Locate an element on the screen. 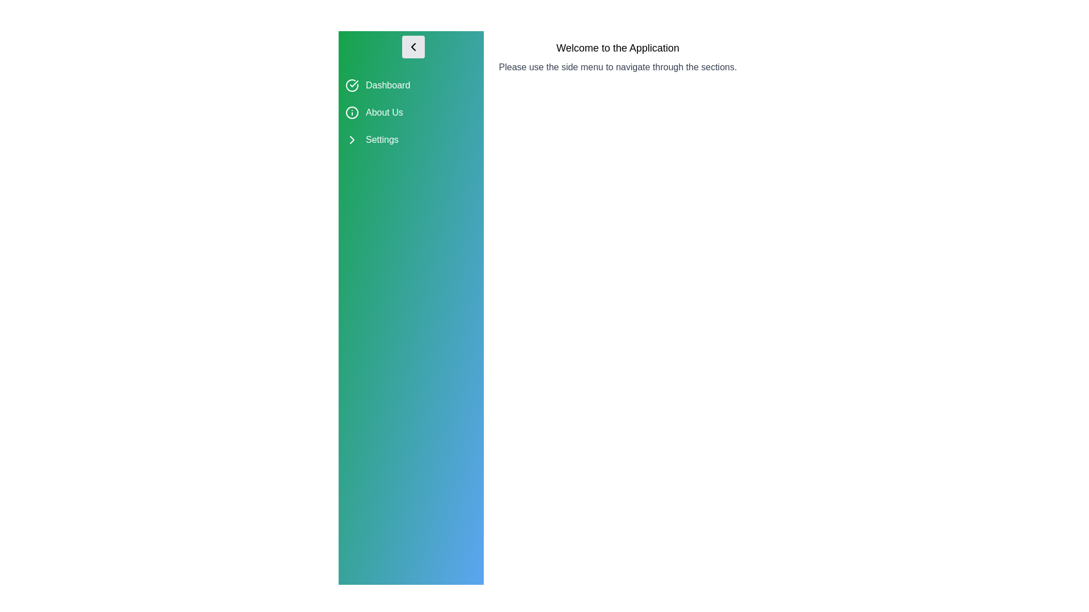 This screenshot has width=1089, height=612. the menu item Settings to select it is located at coordinates (410, 139).